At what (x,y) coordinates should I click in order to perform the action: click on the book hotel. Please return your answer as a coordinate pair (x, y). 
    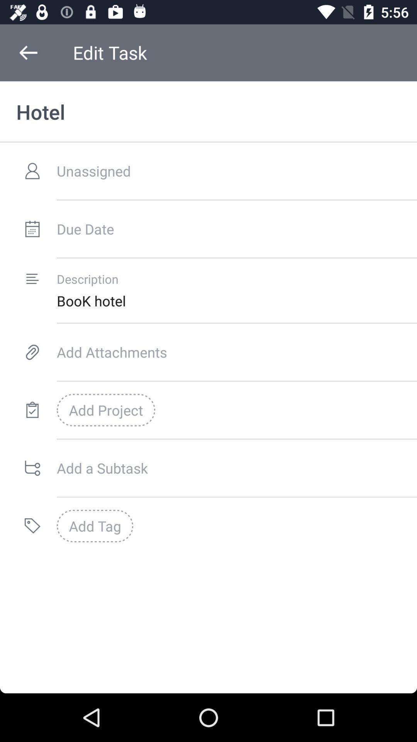
    Looking at the image, I should click on (236, 300).